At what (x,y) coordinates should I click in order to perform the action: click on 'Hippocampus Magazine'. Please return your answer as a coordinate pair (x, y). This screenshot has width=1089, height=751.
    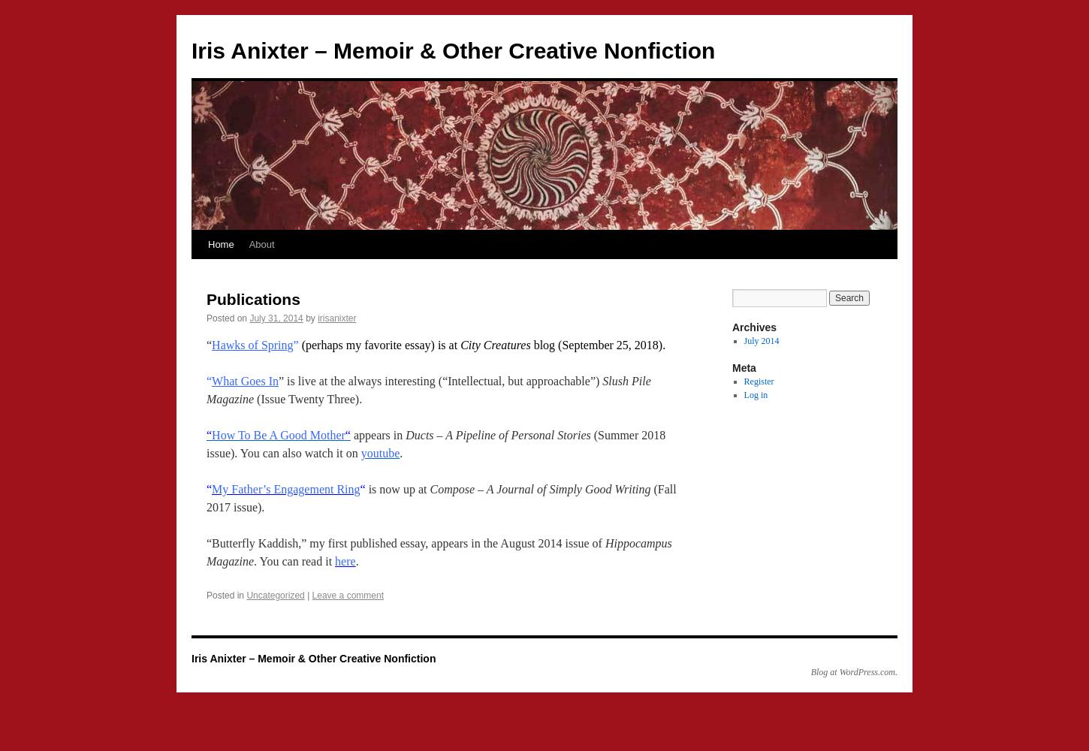
    Looking at the image, I should click on (439, 551).